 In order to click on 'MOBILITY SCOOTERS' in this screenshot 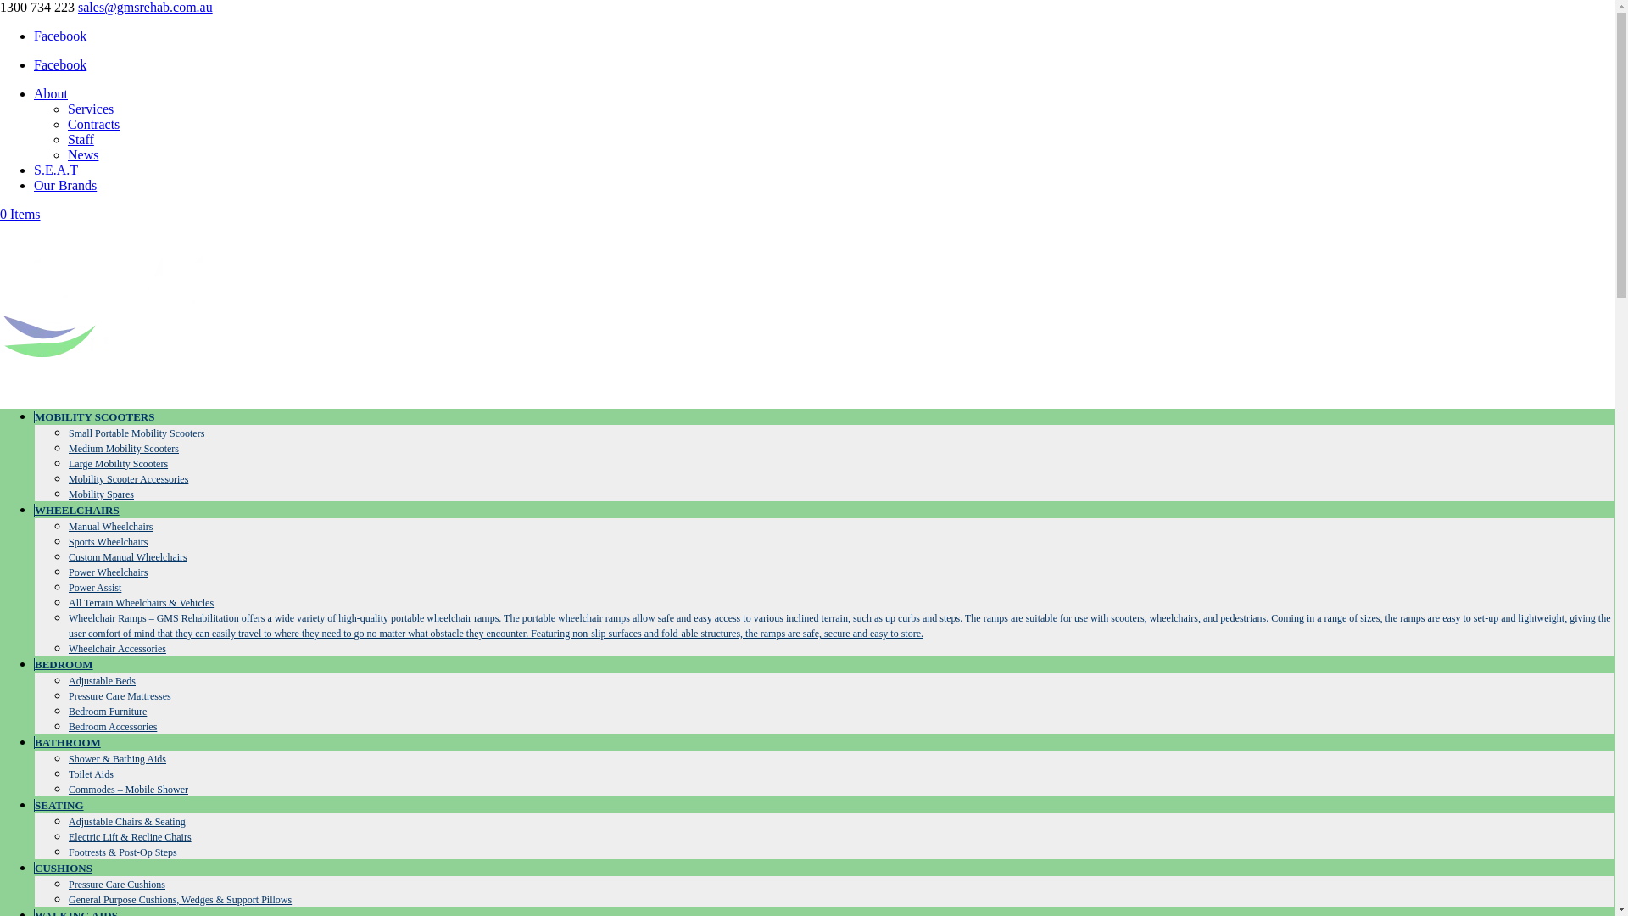, I will do `click(92, 416)`.